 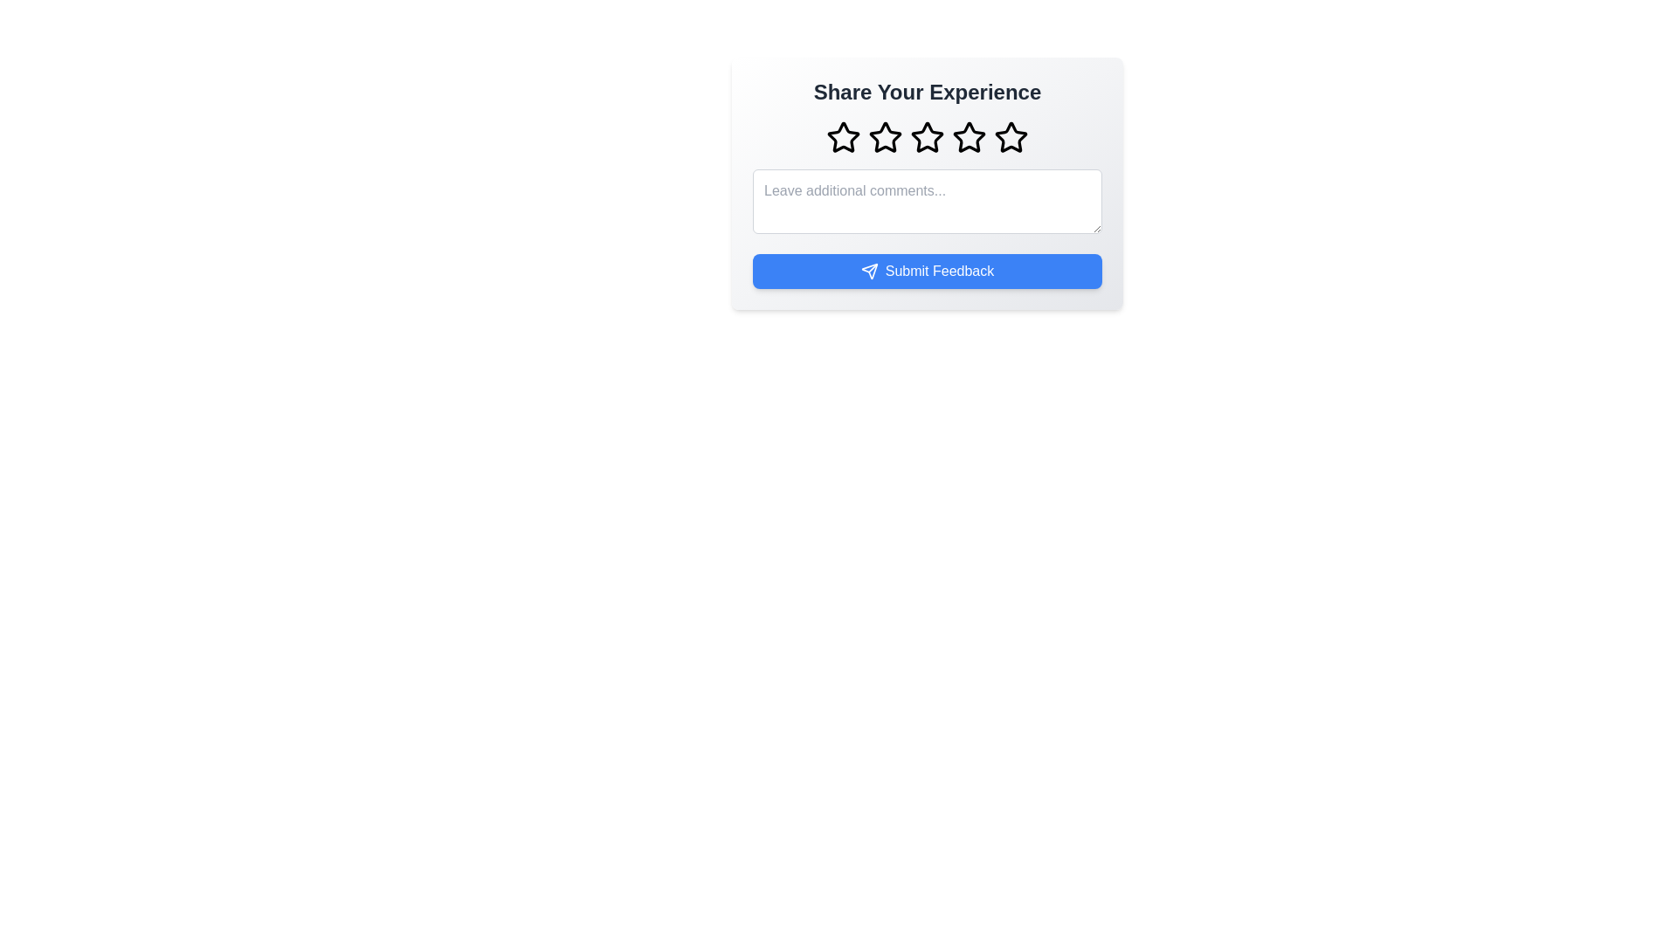 What do you see at coordinates (885, 137) in the screenshot?
I see `the second star in the rating system` at bounding box center [885, 137].